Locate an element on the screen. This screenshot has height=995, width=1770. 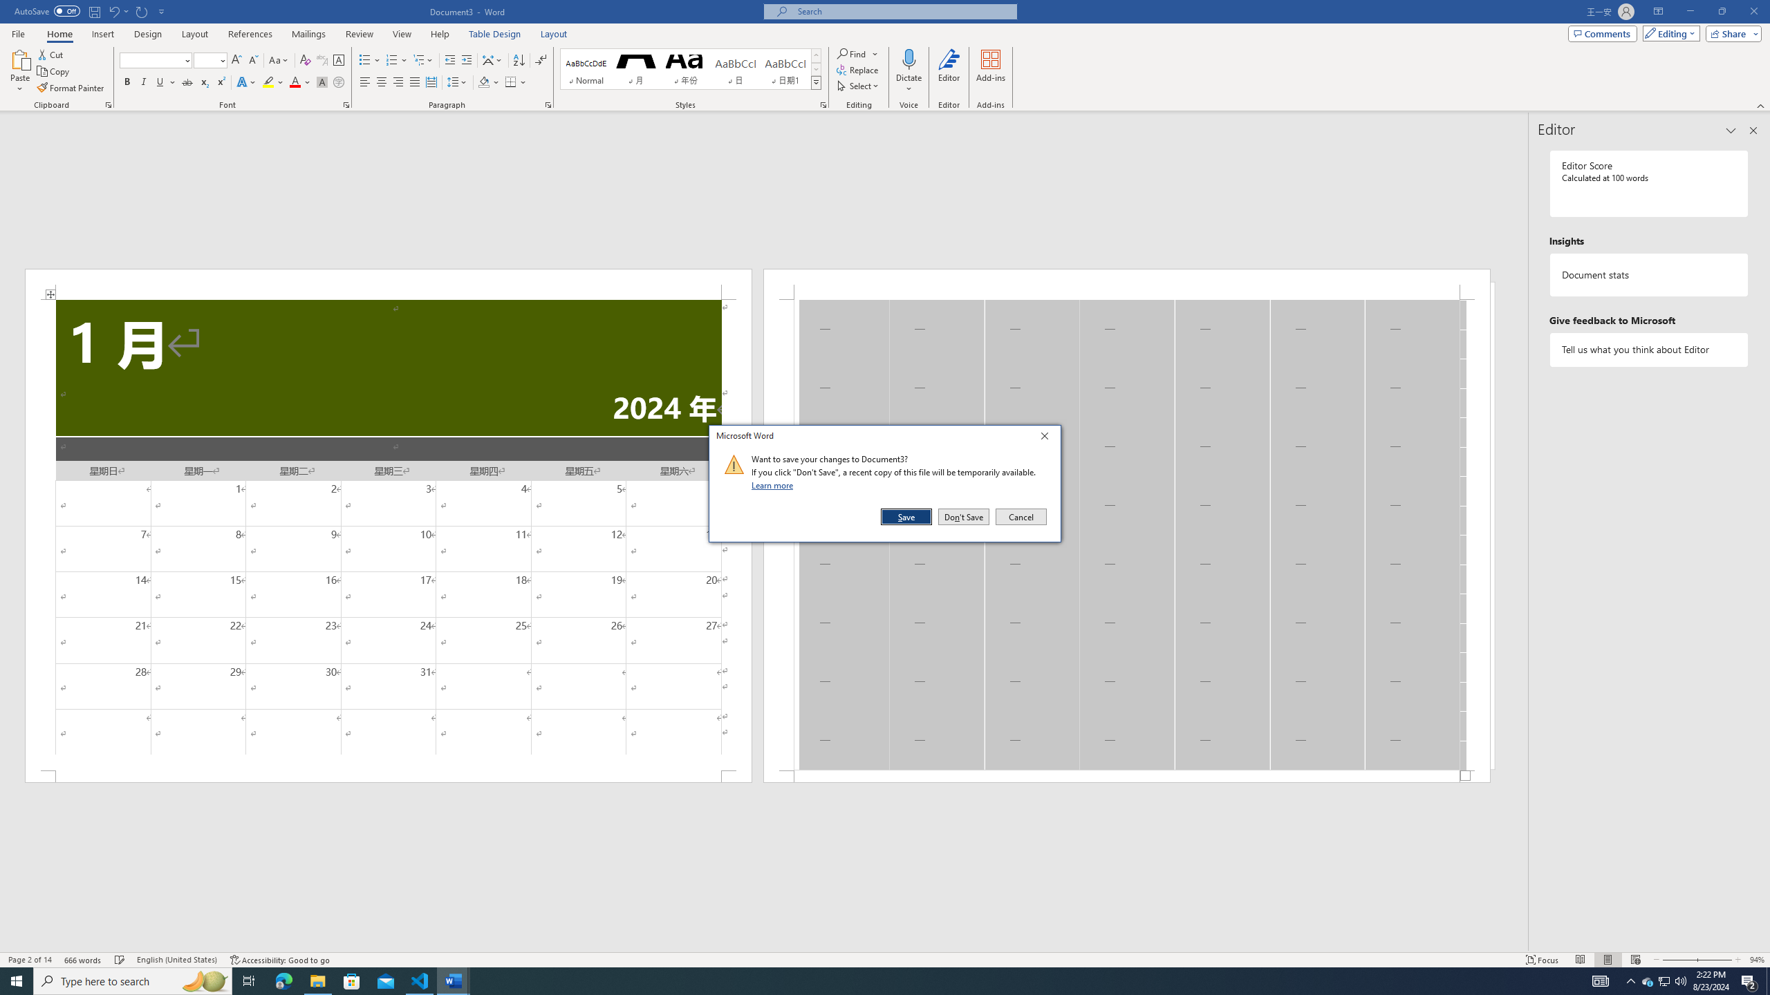
'Numbering' is located at coordinates (391, 60).